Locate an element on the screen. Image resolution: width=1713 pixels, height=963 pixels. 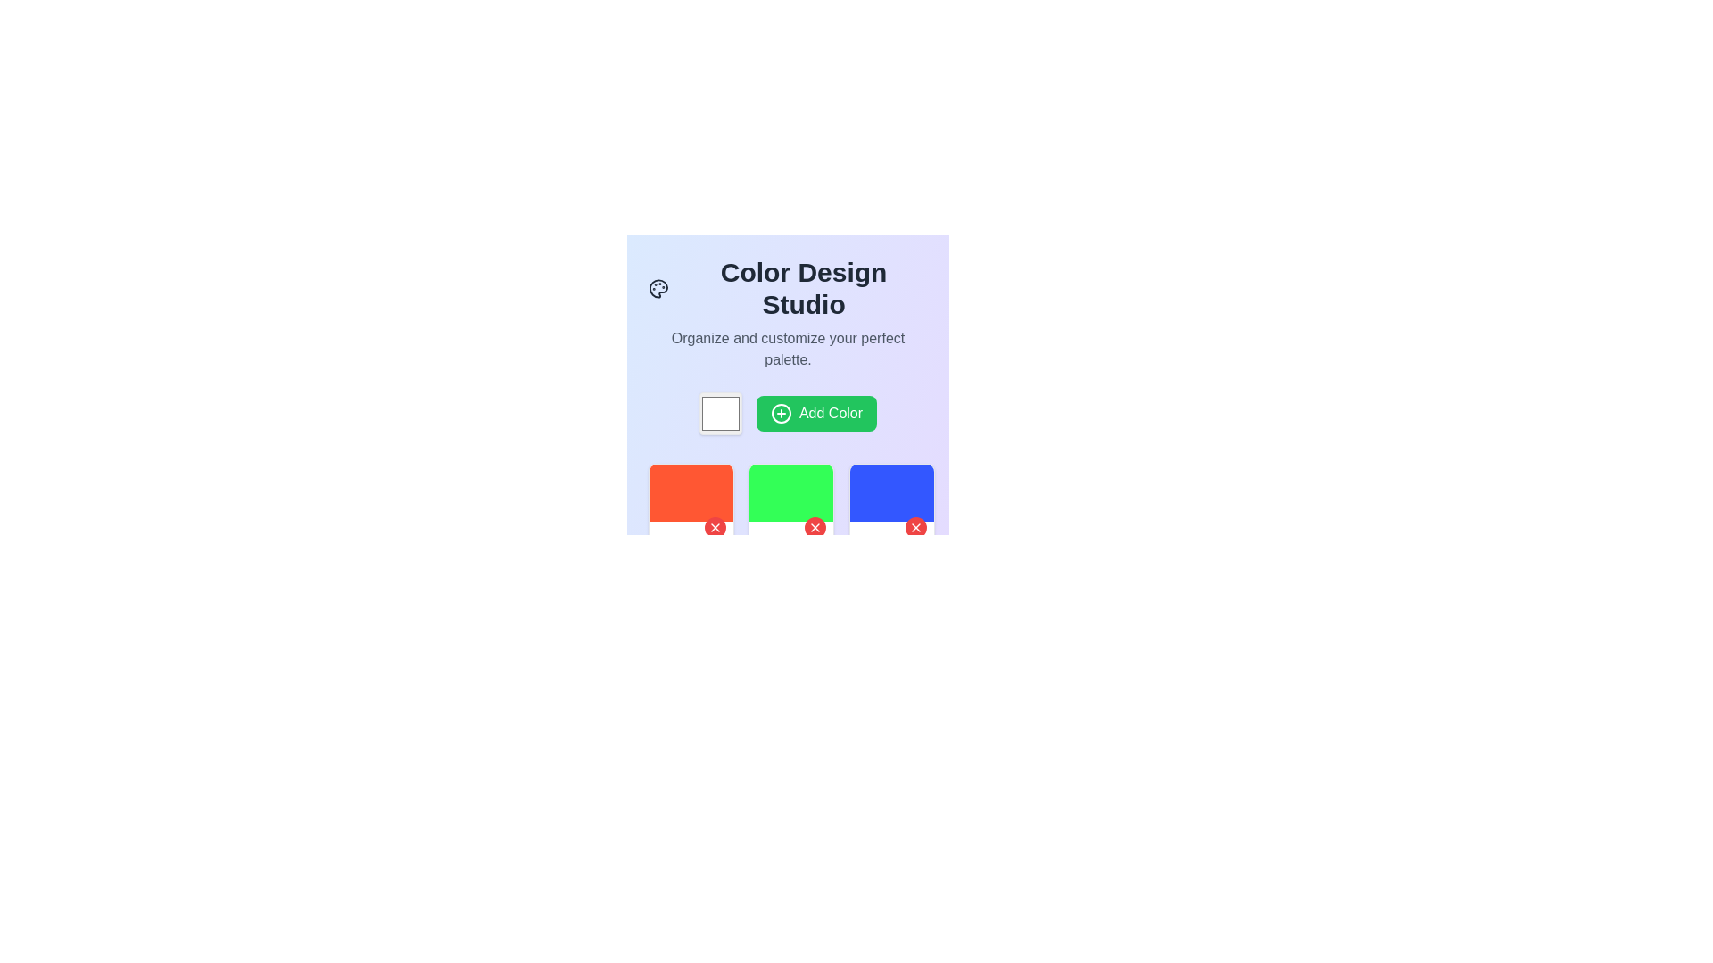
on the decorative color block located at the top of the square card in the color palette interface is located at coordinates (790, 492).